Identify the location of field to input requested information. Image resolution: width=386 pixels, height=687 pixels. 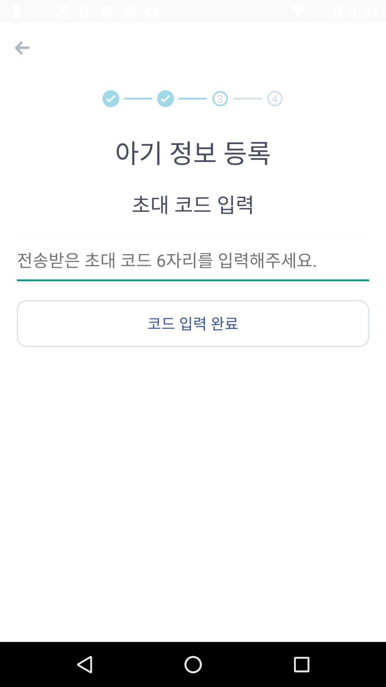
(193, 259).